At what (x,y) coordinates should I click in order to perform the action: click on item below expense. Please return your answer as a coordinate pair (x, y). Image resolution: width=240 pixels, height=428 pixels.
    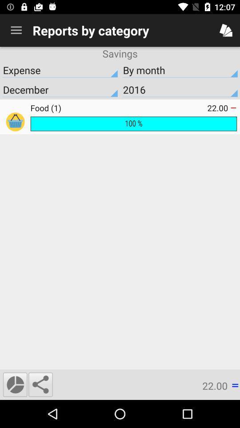
    Looking at the image, I should click on (60, 90).